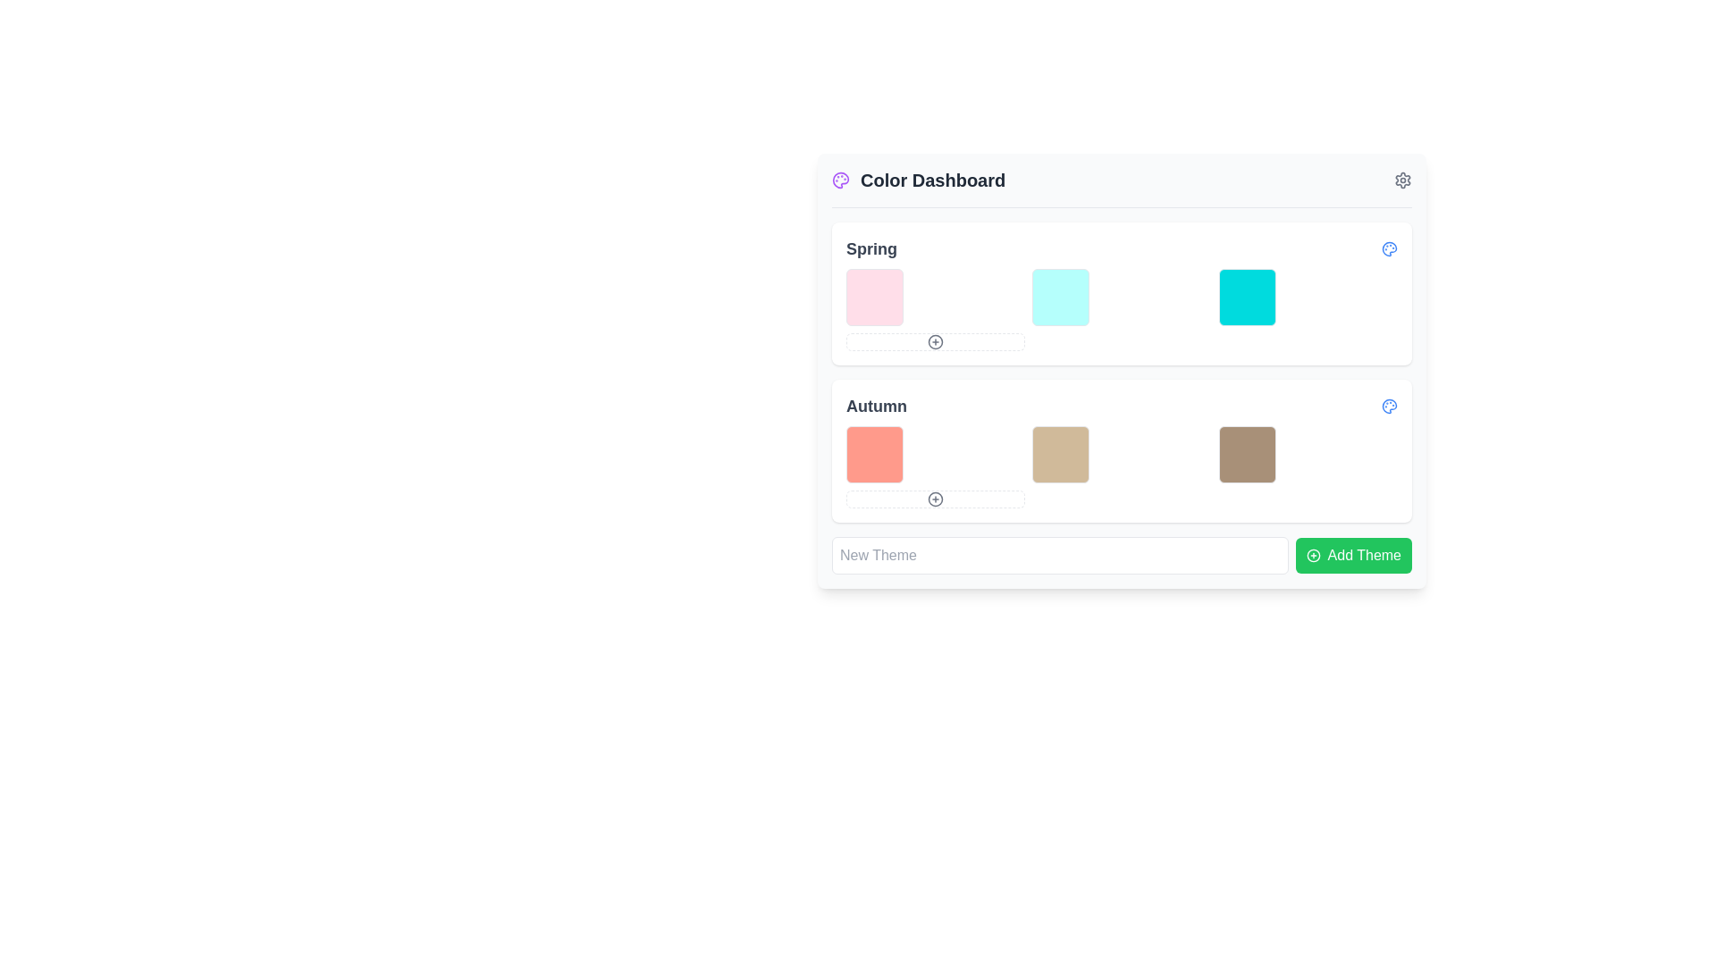  What do you see at coordinates (871, 248) in the screenshot?
I see `the text label displaying the word 'Spring', which is styled with a bold font and dark gray color, located at the top row of the interface` at bounding box center [871, 248].